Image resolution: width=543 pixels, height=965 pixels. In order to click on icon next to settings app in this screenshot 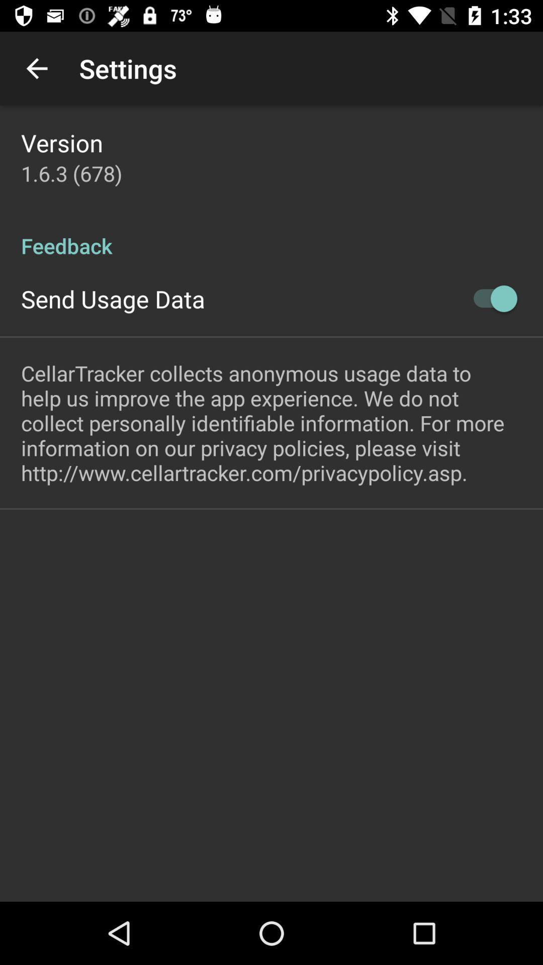, I will do `click(36, 68)`.